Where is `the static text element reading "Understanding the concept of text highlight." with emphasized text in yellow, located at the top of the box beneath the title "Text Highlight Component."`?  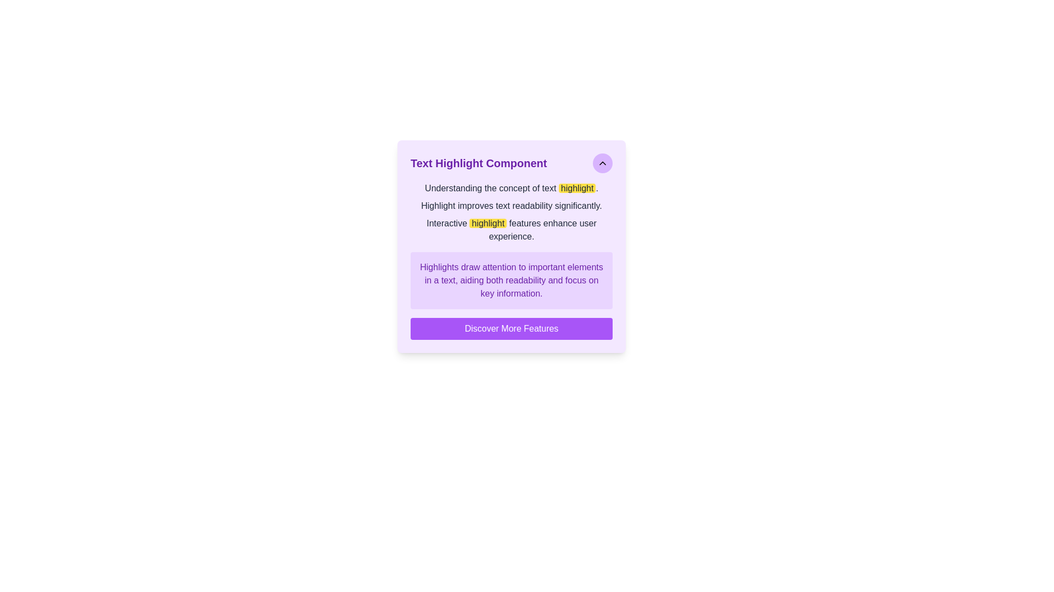 the static text element reading "Understanding the concept of text highlight." with emphasized text in yellow, located at the top of the box beneath the title "Text Highlight Component." is located at coordinates (511, 187).